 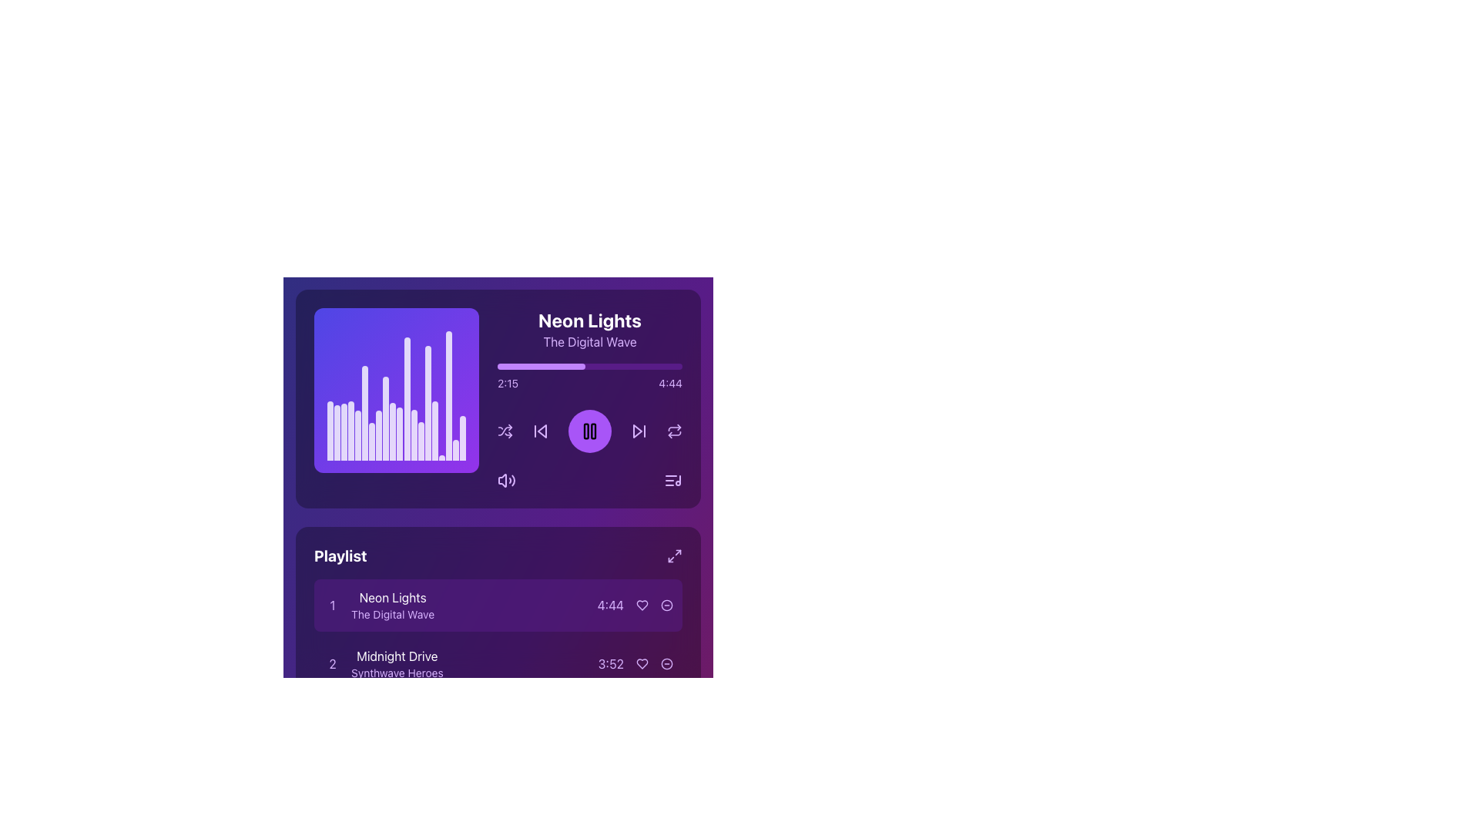 I want to click on the text element displaying 'Neon Lights The Digital Wave', located in the playlist section beneath the main music player, so click(x=379, y=605).